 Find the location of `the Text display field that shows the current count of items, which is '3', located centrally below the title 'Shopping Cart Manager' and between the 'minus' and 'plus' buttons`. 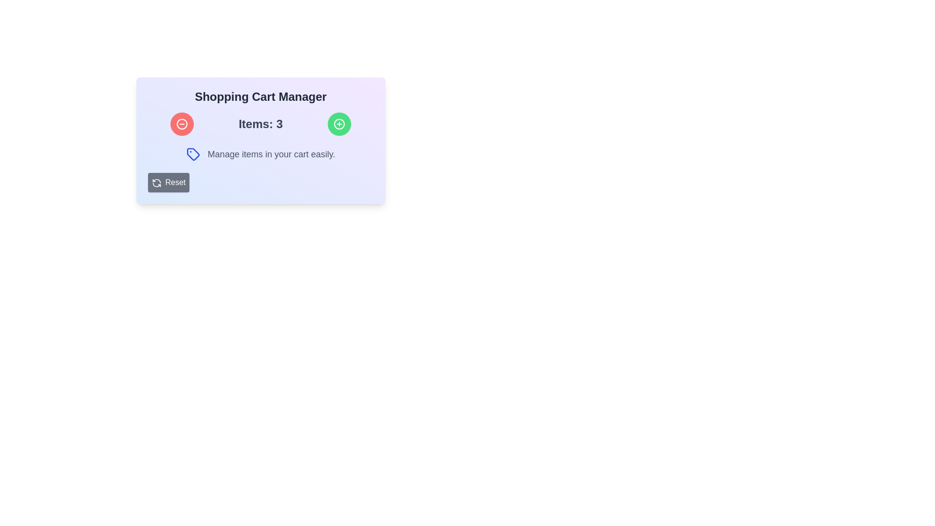

the Text display field that shows the current count of items, which is '3', located centrally below the title 'Shopping Cart Manager' and between the 'minus' and 'plus' buttons is located at coordinates (261, 123).